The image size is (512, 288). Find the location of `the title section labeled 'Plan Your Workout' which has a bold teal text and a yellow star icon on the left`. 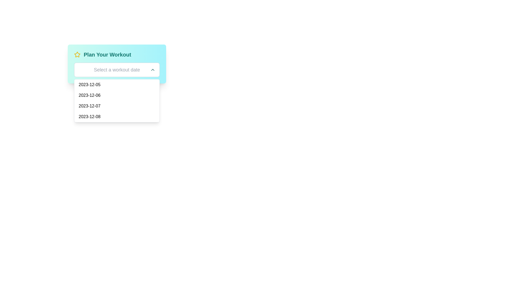

the title section labeled 'Plan Your Workout' which has a bold teal text and a yellow star icon on the left is located at coordinates (117, 54).